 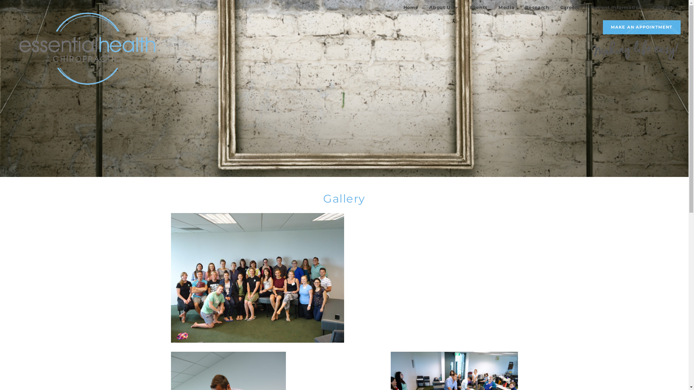 I want to click on 'Media', so click(x=506, y=7).